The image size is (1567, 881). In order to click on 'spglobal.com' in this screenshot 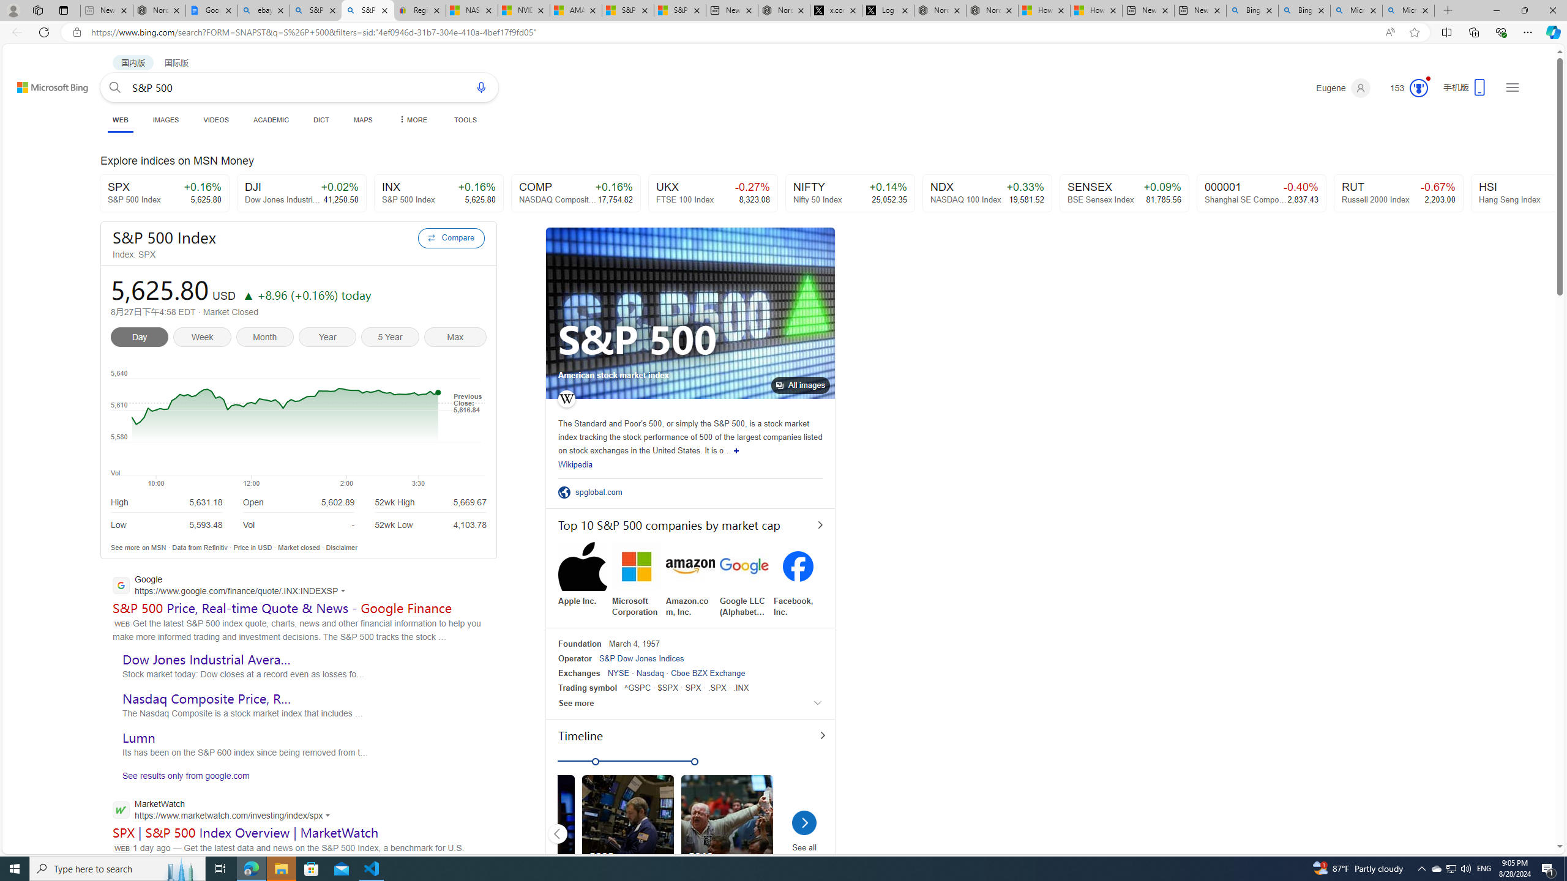, I will do `click(602, 492)`.